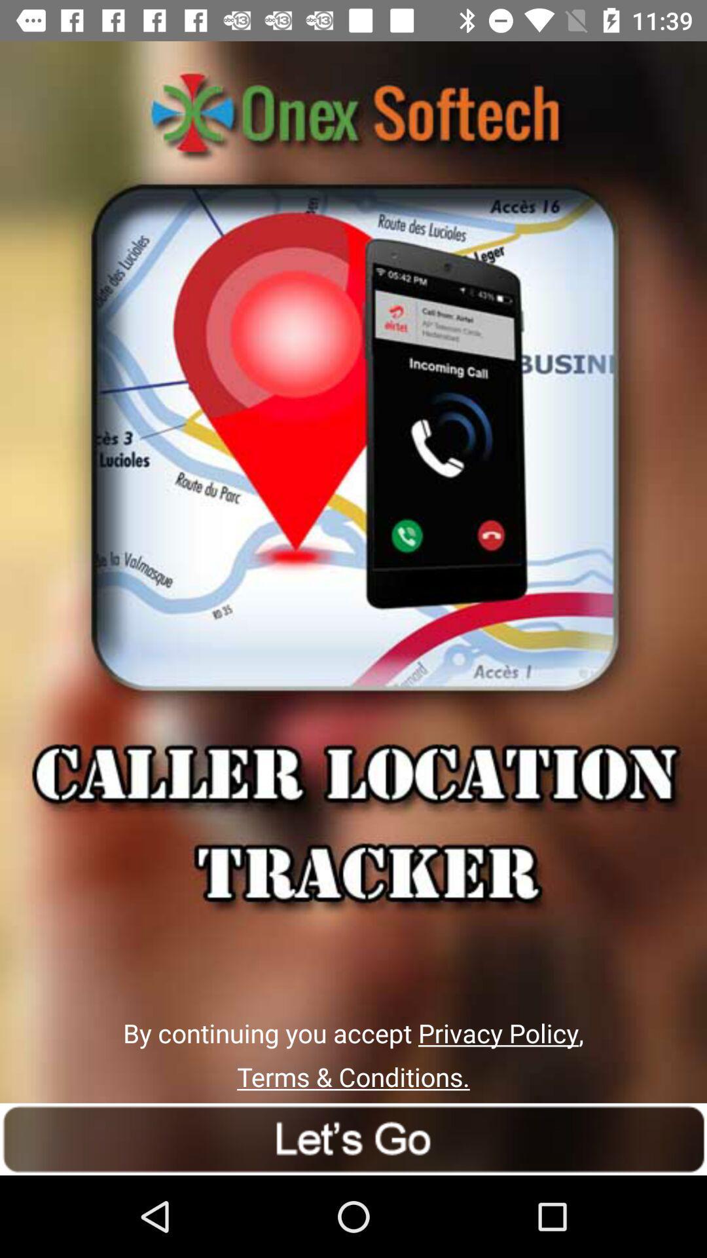  What do you see at coordinates (353, 1138) in the screenshot?
I see `go` at bounding box center [353, 1138].